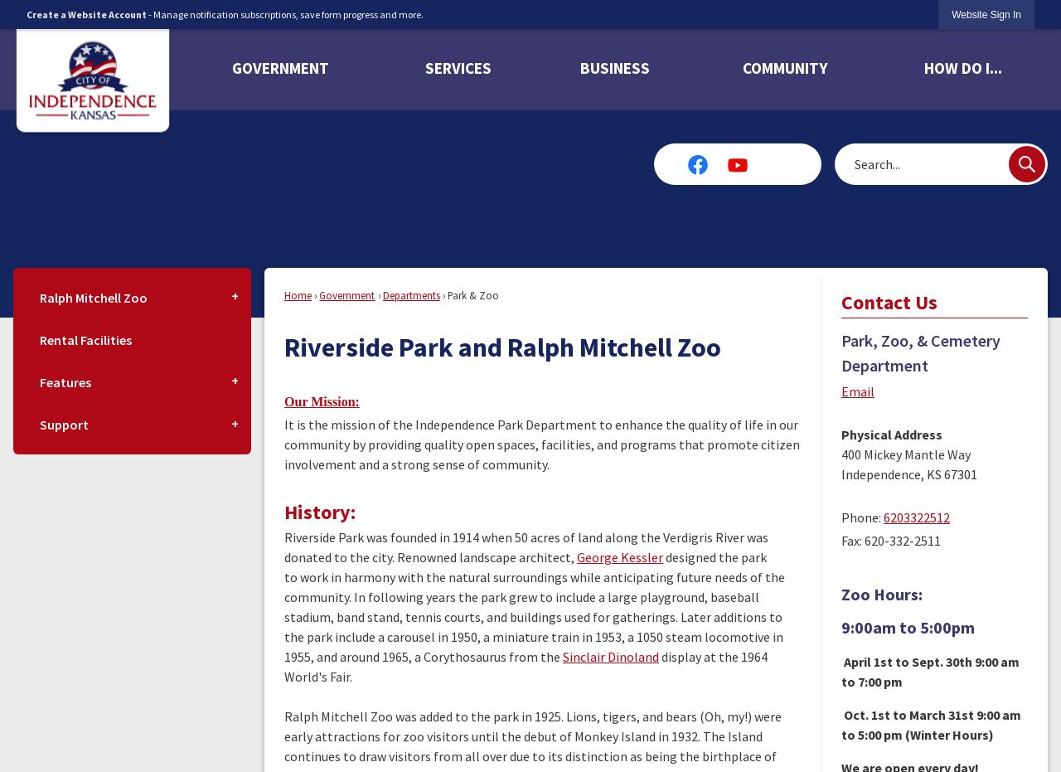  I want to click on 'Park, Zoo, & Cemetery Department', so click(919, 352).